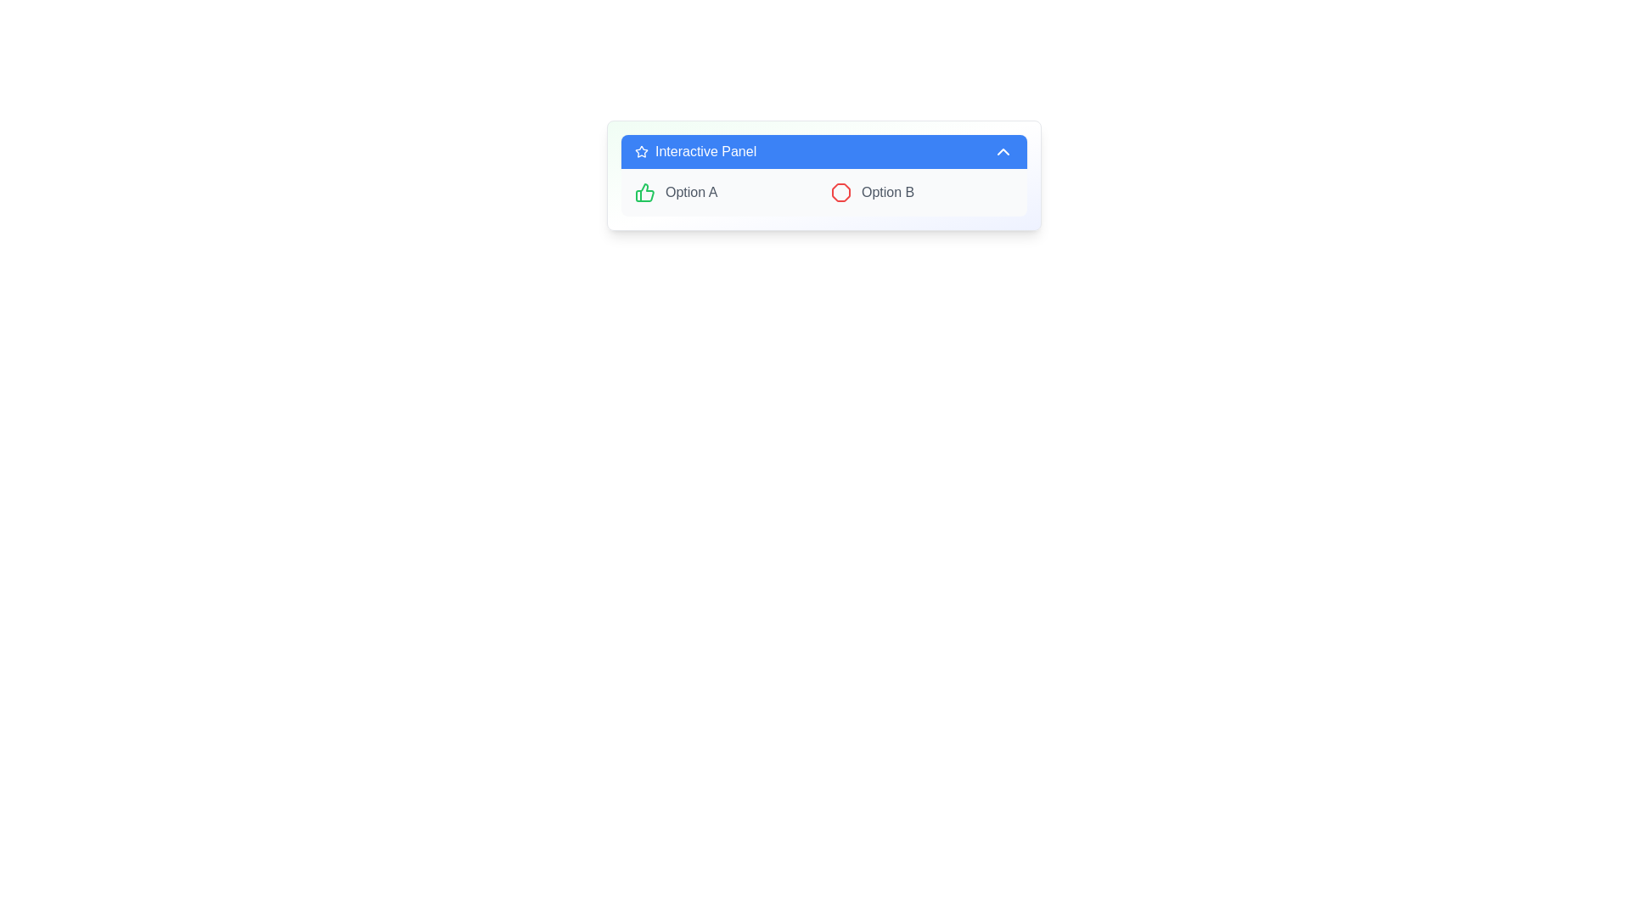 This screenshot has width=1630, height=917. What do you see at coordinates (640, 150) in the screenshot?
I see `the star icon with a rounded edge style located in the blue header labeled 'Interactive Panel'` at bounding box center [640, 150].